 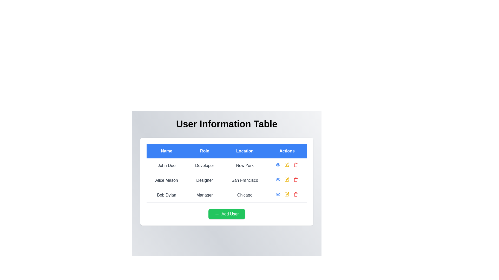 I want to click on the edit action icon located in the 'Actions' cell of the second row for user 'Alice Mason', which is the middle icon among three icons, so click(x=287, y=164).